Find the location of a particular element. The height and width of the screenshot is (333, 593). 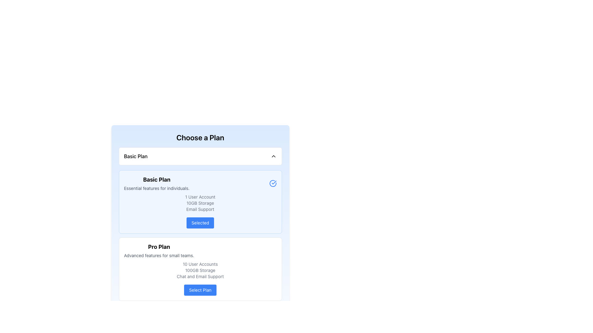

the blue circular icon with a check mark inside, located in the 'Basic Plan' section, to the right of the section title 'Basic Plan' is located at coordinates (272, 183).